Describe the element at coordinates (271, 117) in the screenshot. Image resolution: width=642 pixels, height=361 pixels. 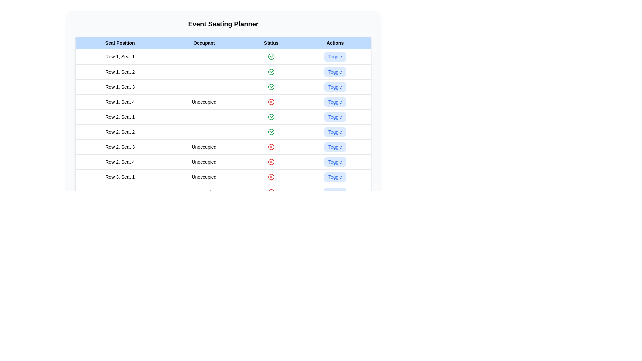
I see `the decorative SVG icon indicating a confirmed state in 'Row 1, Seat 4' of the table's 'Status' column` at that location.